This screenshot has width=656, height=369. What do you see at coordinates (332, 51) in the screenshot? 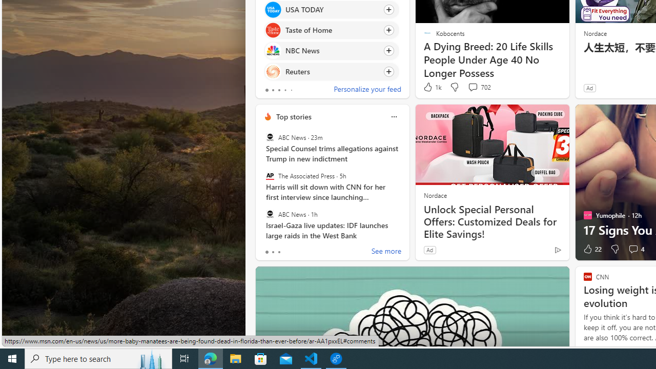
I see `'Click to follow source NBC News'` at bounding box center [332, 51].